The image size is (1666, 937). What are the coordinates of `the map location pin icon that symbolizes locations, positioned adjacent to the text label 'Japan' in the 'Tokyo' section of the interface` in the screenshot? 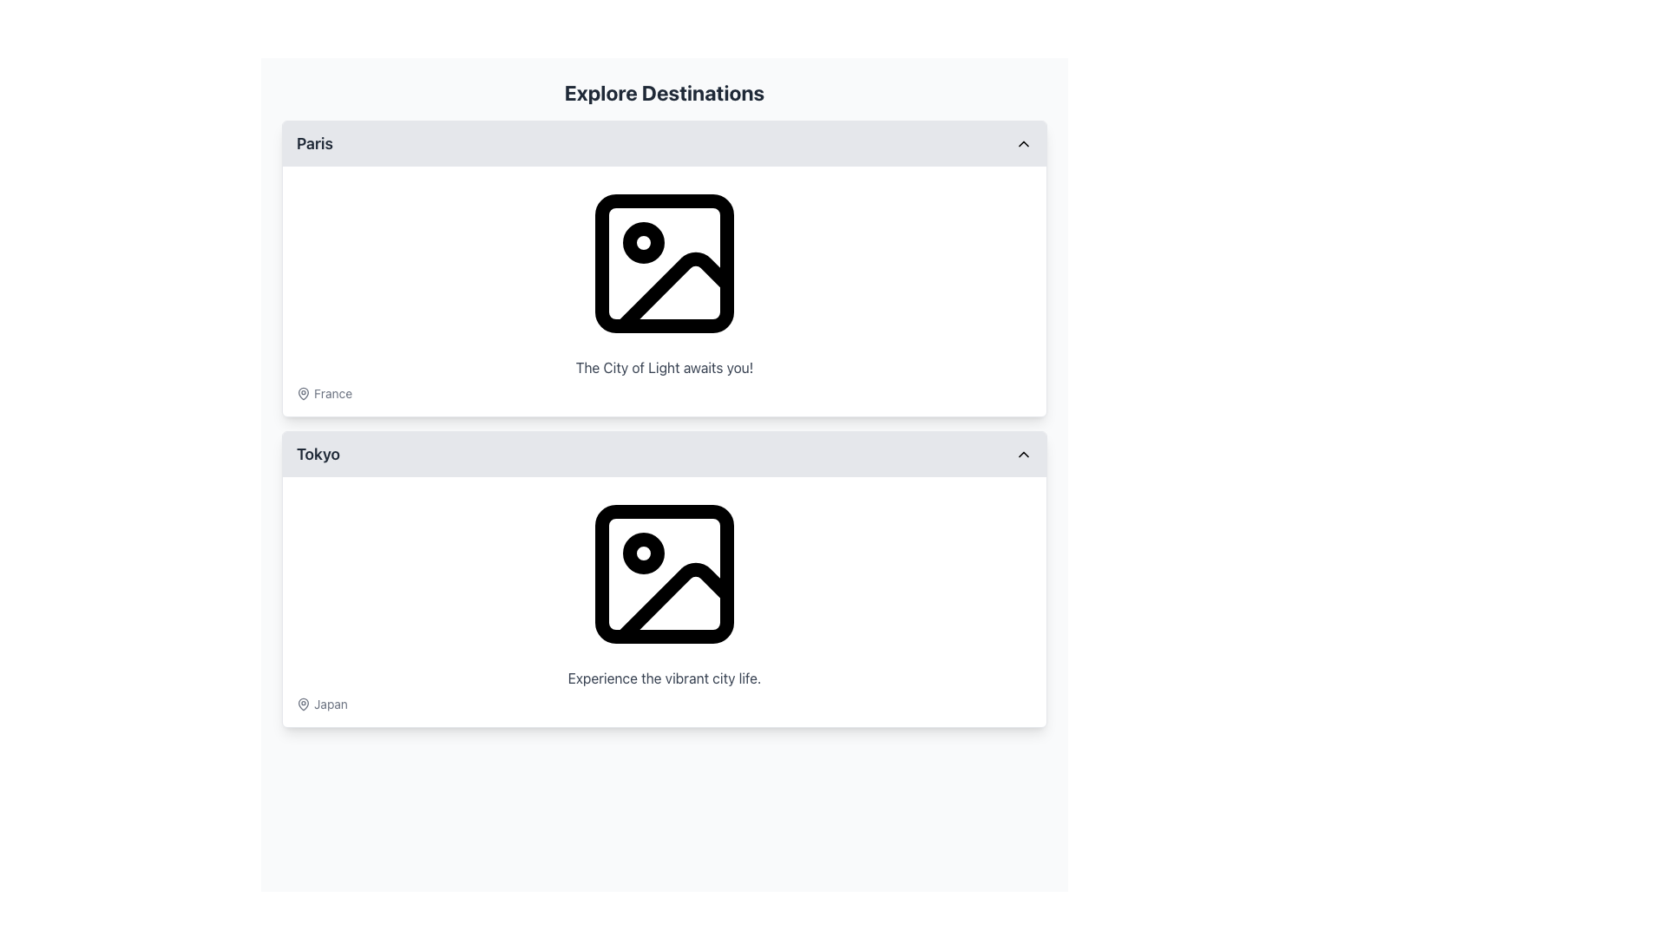 It's located at (304, 704).